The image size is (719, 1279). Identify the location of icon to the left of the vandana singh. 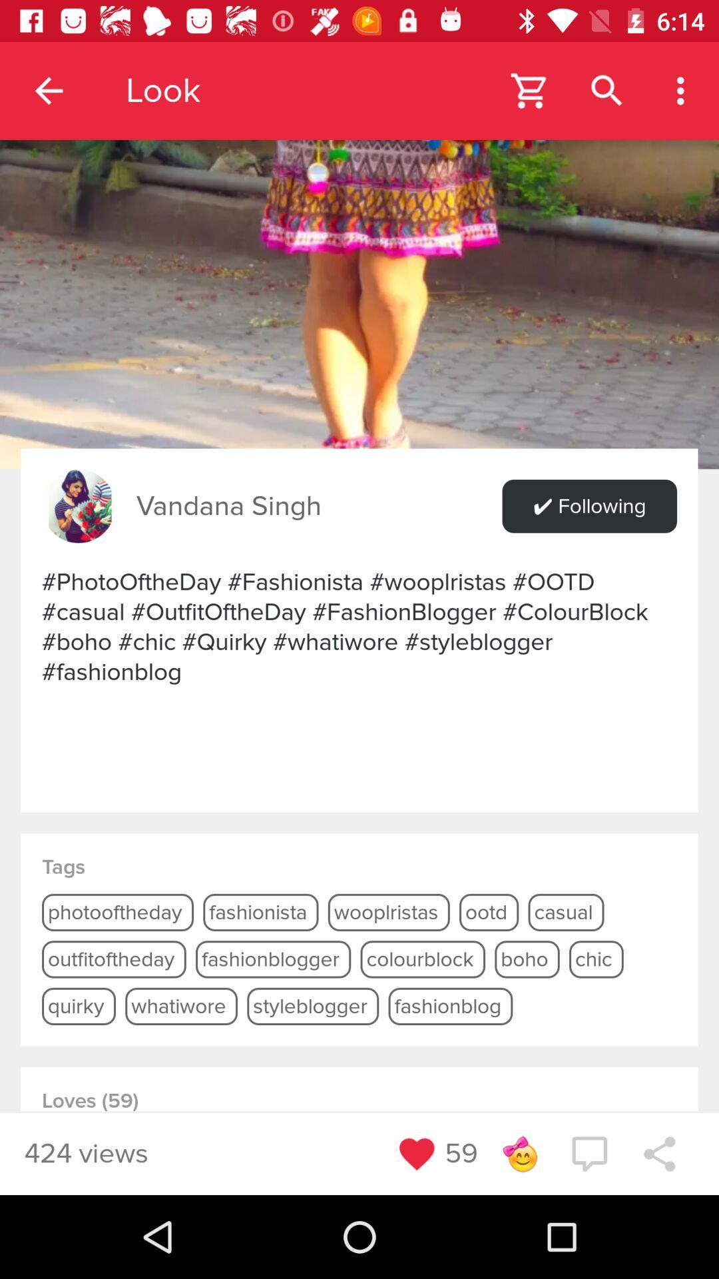
(79, 506).